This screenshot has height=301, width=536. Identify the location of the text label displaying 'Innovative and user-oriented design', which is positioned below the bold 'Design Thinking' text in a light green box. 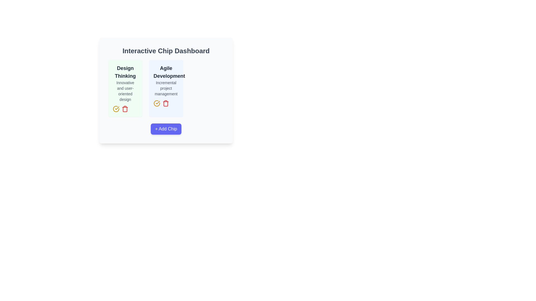
(125, 91).